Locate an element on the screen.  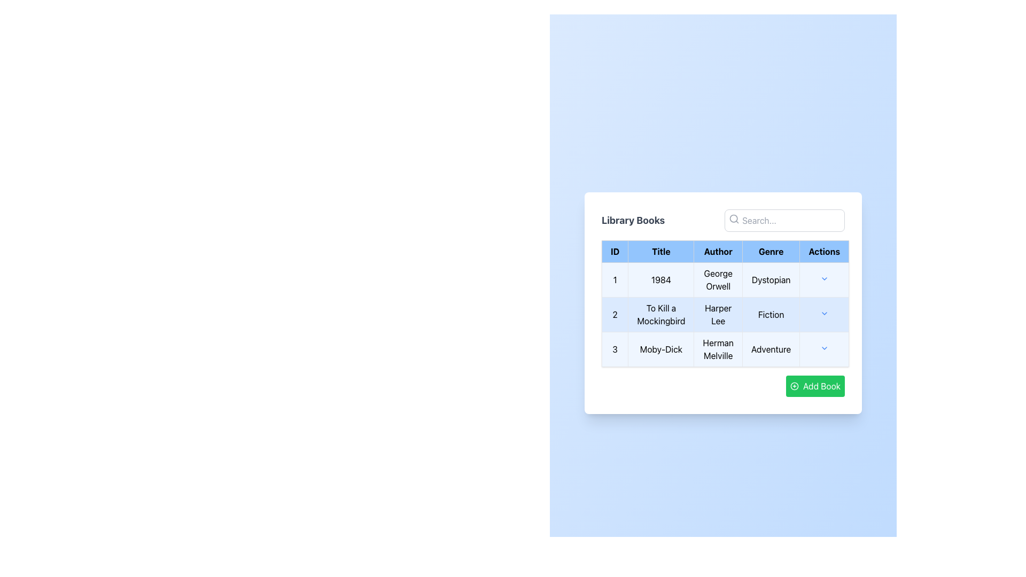
text 'Herman Melville' from the table cell located in the third row under the 'Author' column is located at coordinates (725, 349).